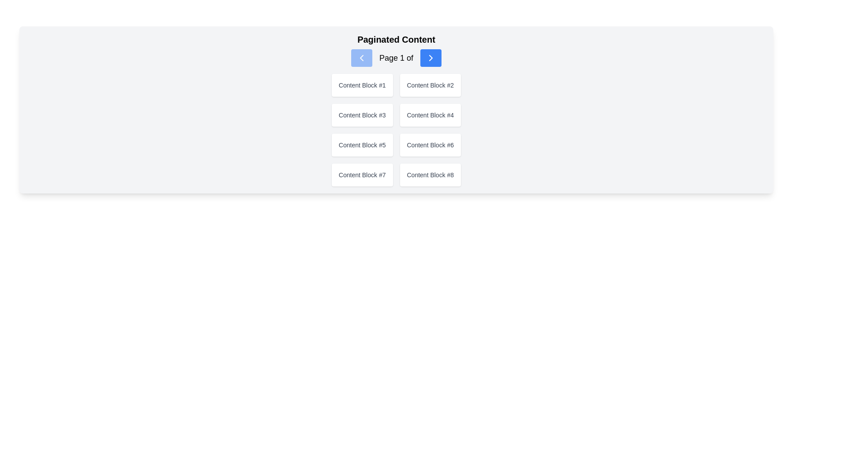  What do you see at coordinates (362, 145) in the screenshot?
I see `the Content Block identified by the text 'Content Block #5', which is a rectangular block with a white background and rounded corners, to interact with it` at bounding box center [362, 145].